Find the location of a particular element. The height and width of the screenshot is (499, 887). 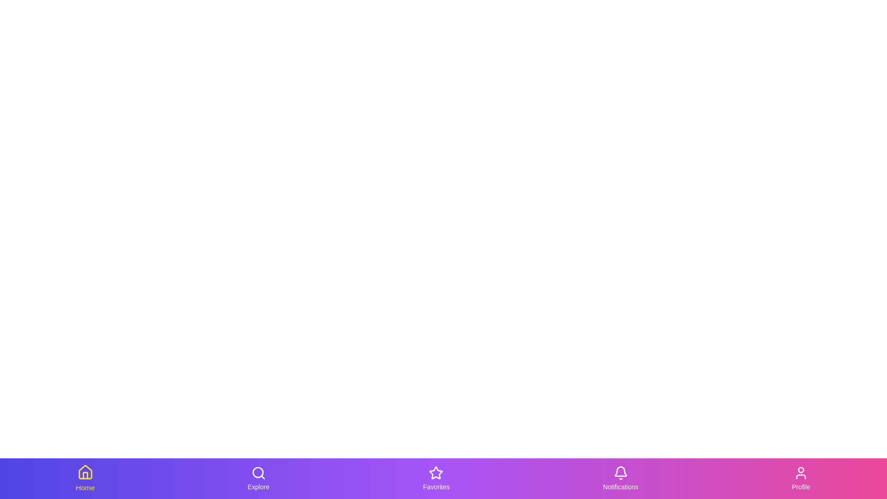

the navigation tab labeled Notifications is located at coordinates (620, 478).